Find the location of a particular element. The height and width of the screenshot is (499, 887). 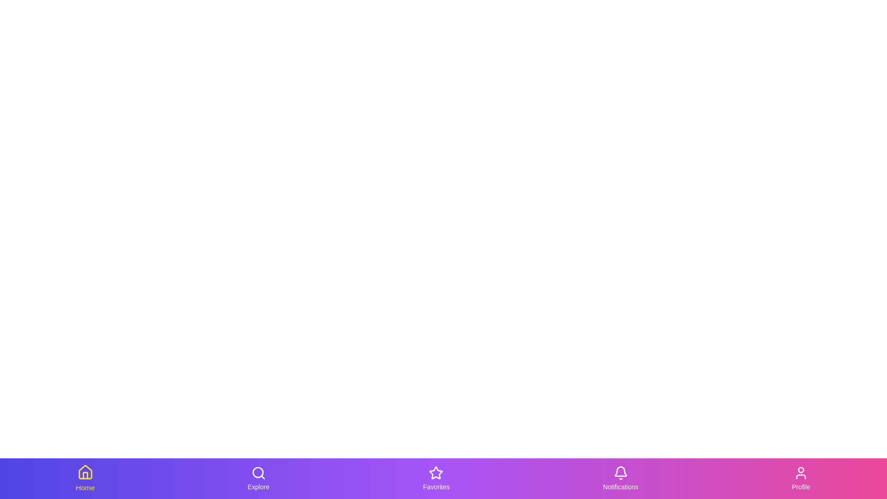

the navigation tab labeled Notifications is located at coordinates (620, 478).